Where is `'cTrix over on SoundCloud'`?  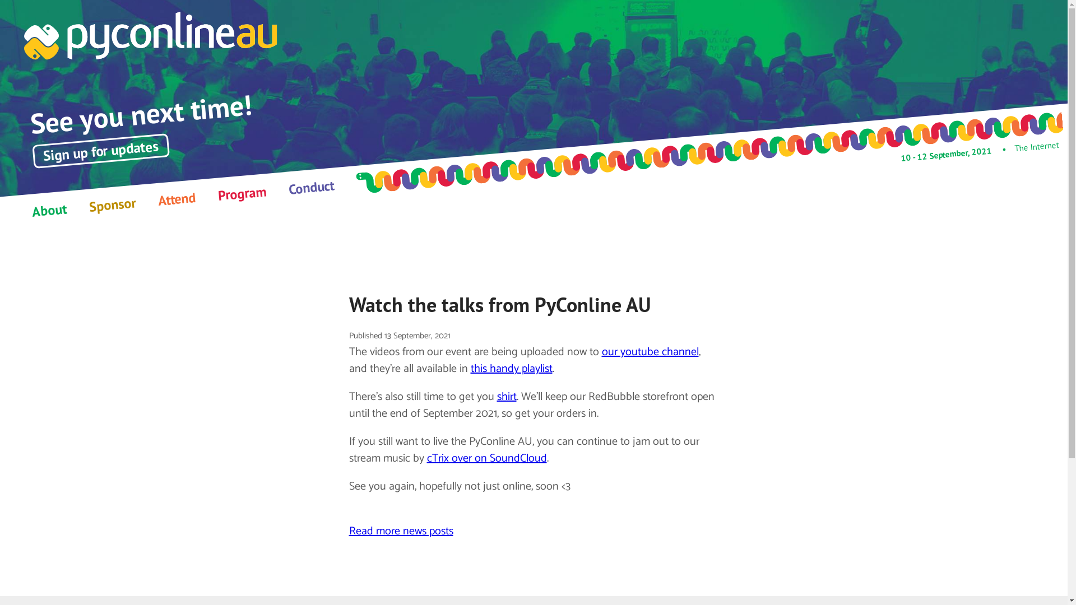 'cTrix over on SoundCloud' is located at coordinates (486, 458).